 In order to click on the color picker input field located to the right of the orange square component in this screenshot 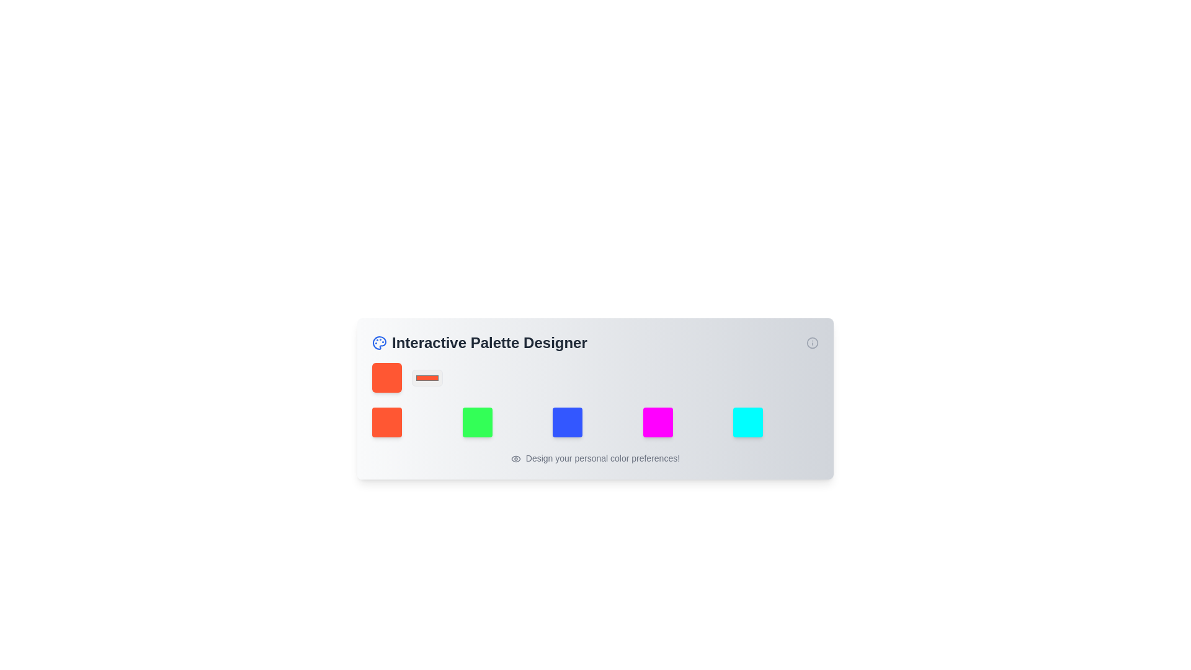, I will do `click(427, 377)`.